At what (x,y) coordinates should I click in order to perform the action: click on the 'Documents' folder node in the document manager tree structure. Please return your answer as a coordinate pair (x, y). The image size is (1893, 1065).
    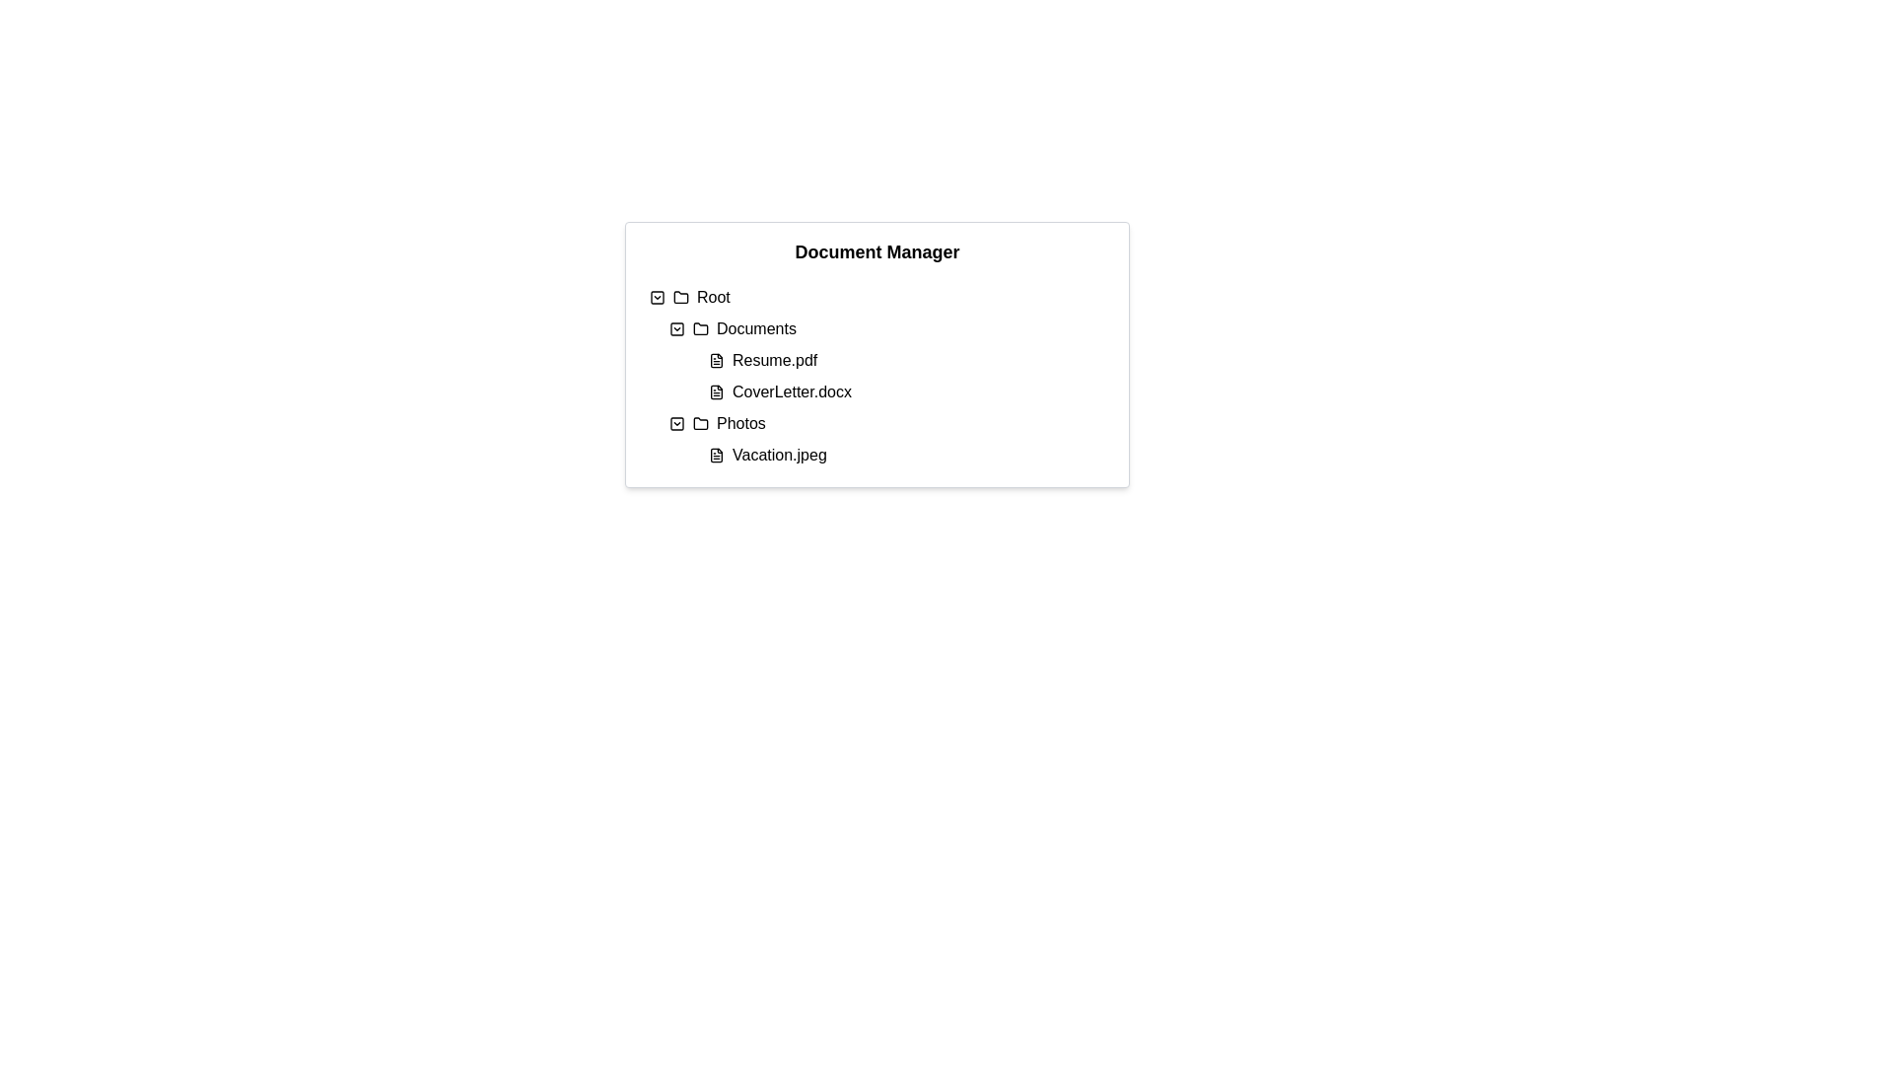
    Looking at the image, I should click on (886, 328).